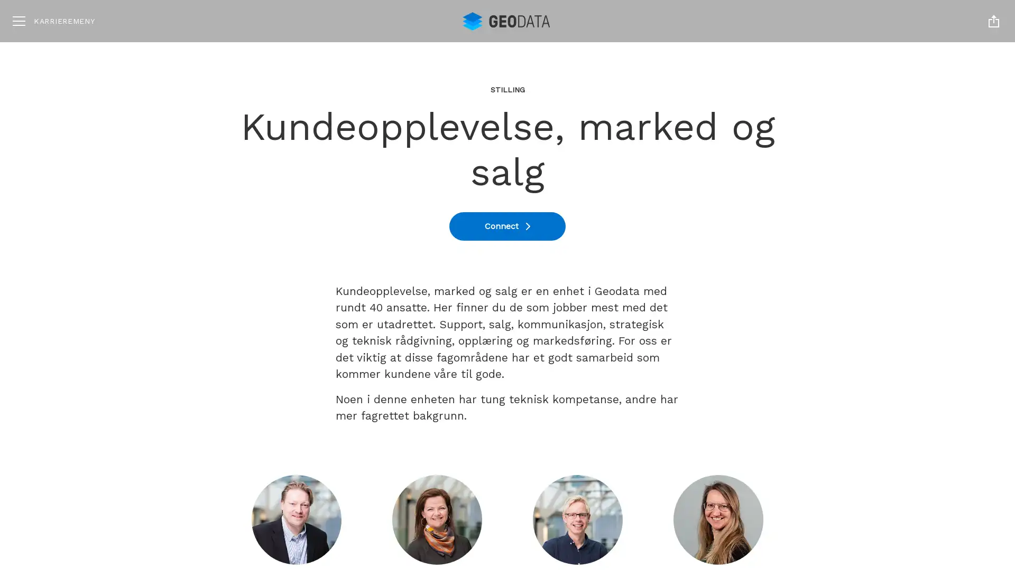  What do you see at coordinates (894, 449) in the screenshot?
I see `Godta alle` at bounding box center [894, 449].